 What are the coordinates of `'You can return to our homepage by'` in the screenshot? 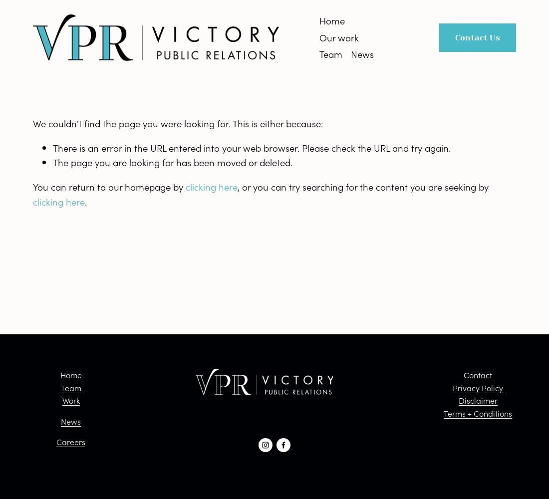 It's located at (109, 186).